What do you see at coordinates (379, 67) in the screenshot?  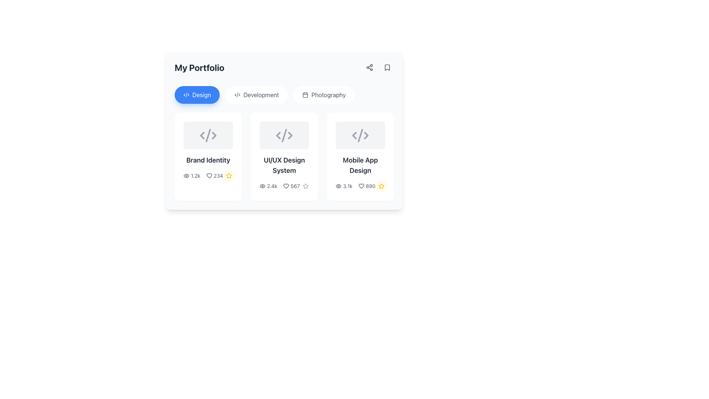 I see `the bookmark button located at the top-right corner of 'My Portfolio'` at bounding box center [379, 67].